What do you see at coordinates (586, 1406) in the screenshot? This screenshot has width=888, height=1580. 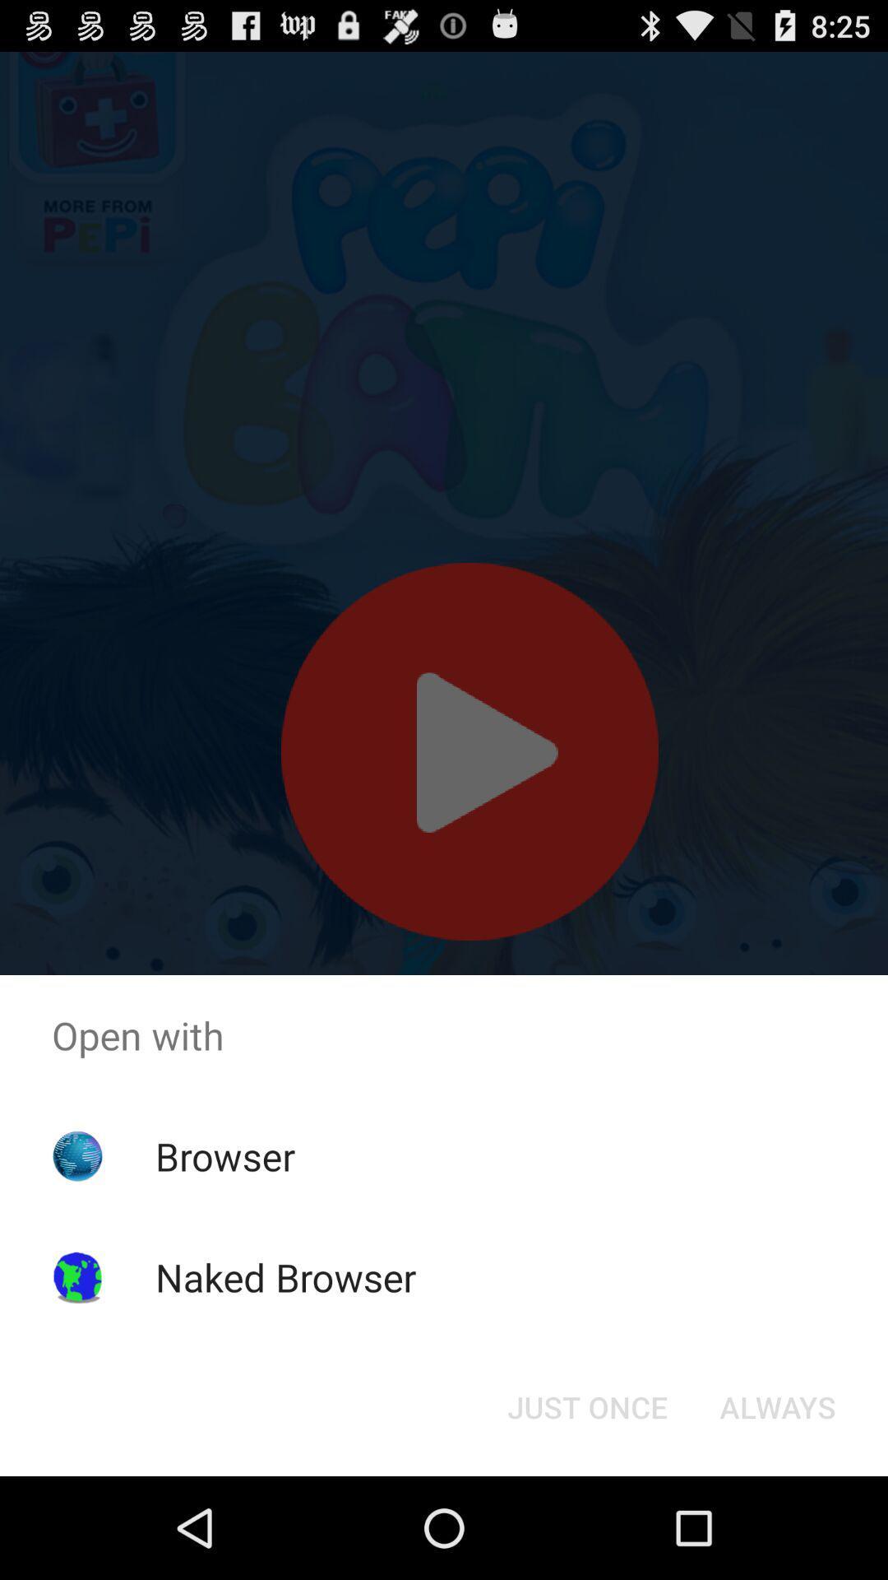 I see `the button to the left of the always button` at bounding box center [586, 1406].